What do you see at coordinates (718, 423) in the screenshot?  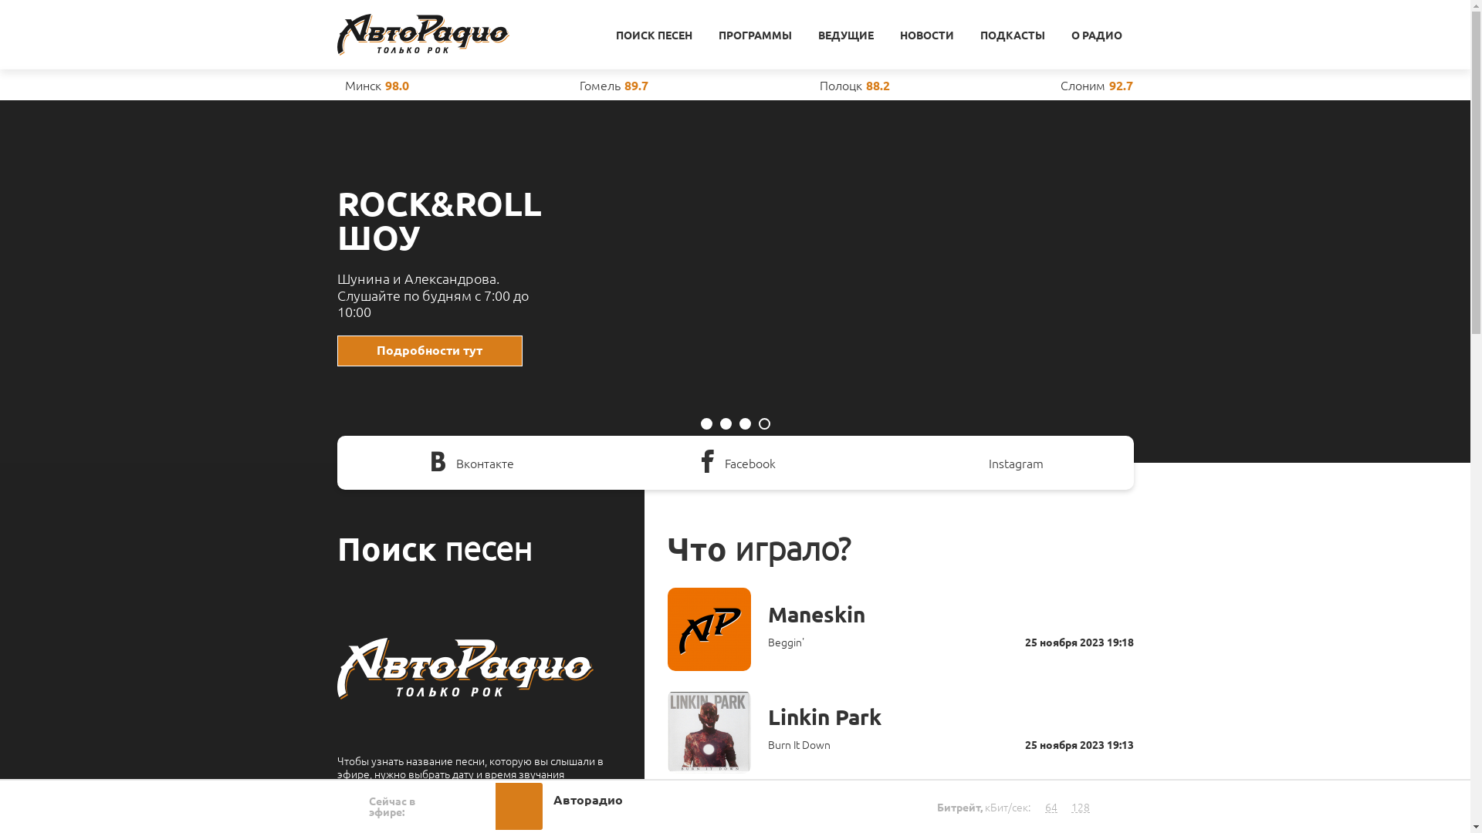 I see `'2'` at bounding box center [718, 423].